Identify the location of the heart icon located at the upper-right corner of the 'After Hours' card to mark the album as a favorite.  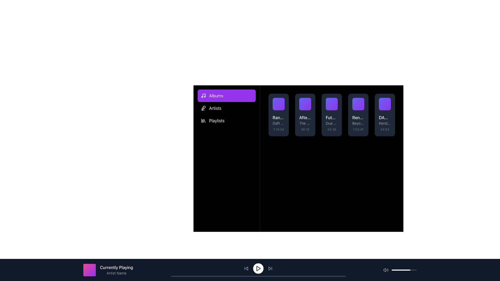
(308, 101).